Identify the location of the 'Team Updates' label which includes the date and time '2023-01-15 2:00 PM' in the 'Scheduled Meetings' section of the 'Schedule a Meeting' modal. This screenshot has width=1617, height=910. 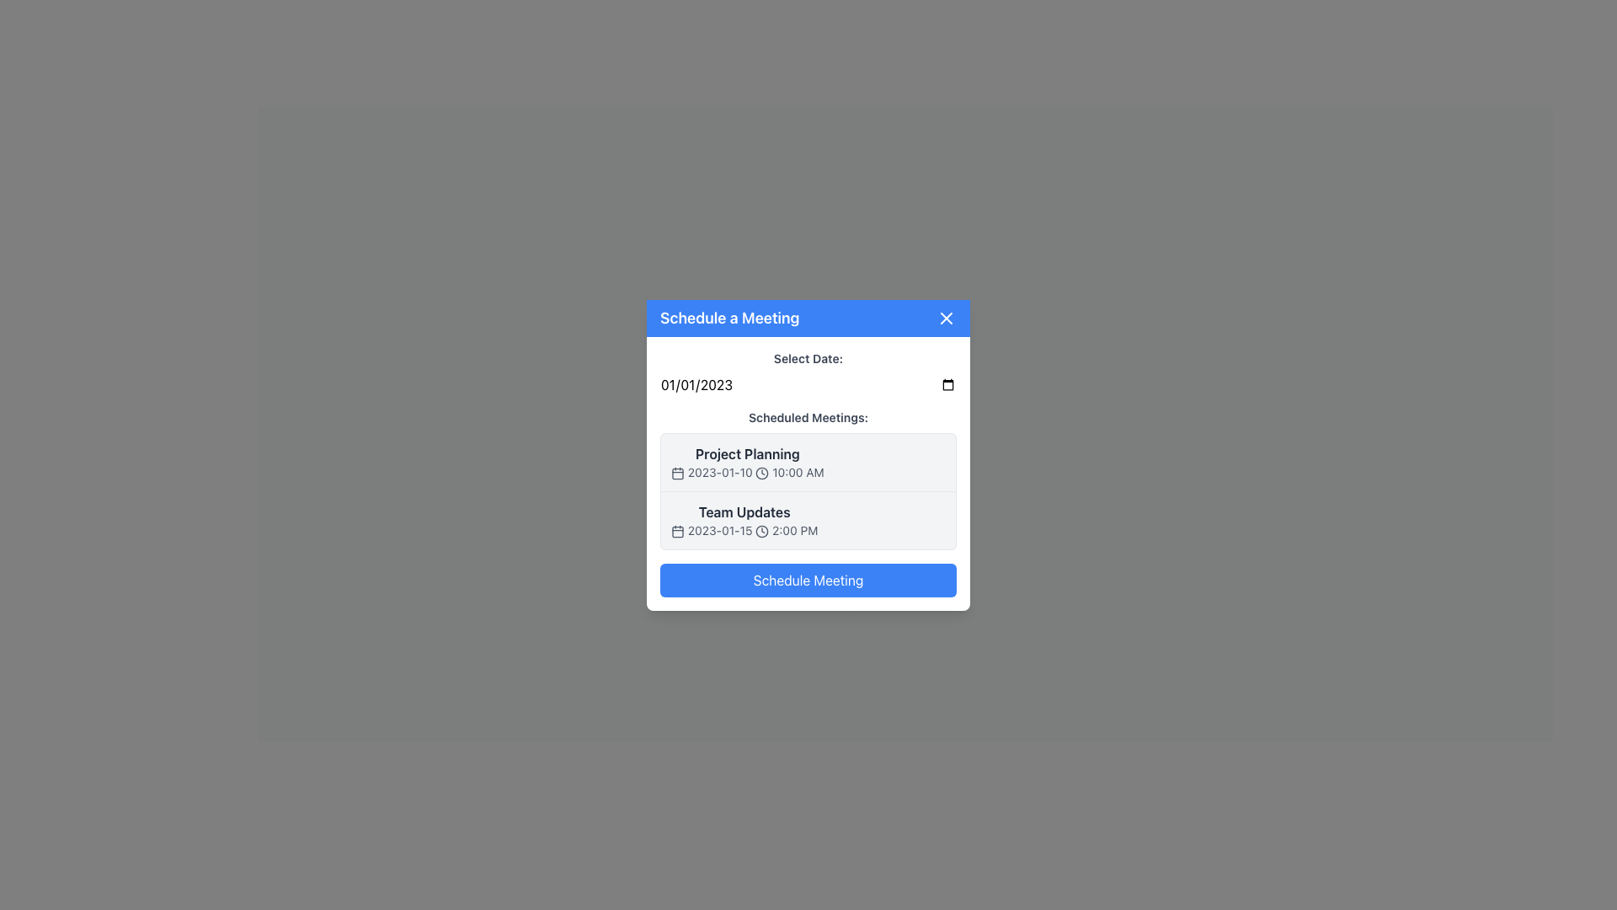
(744, 519).